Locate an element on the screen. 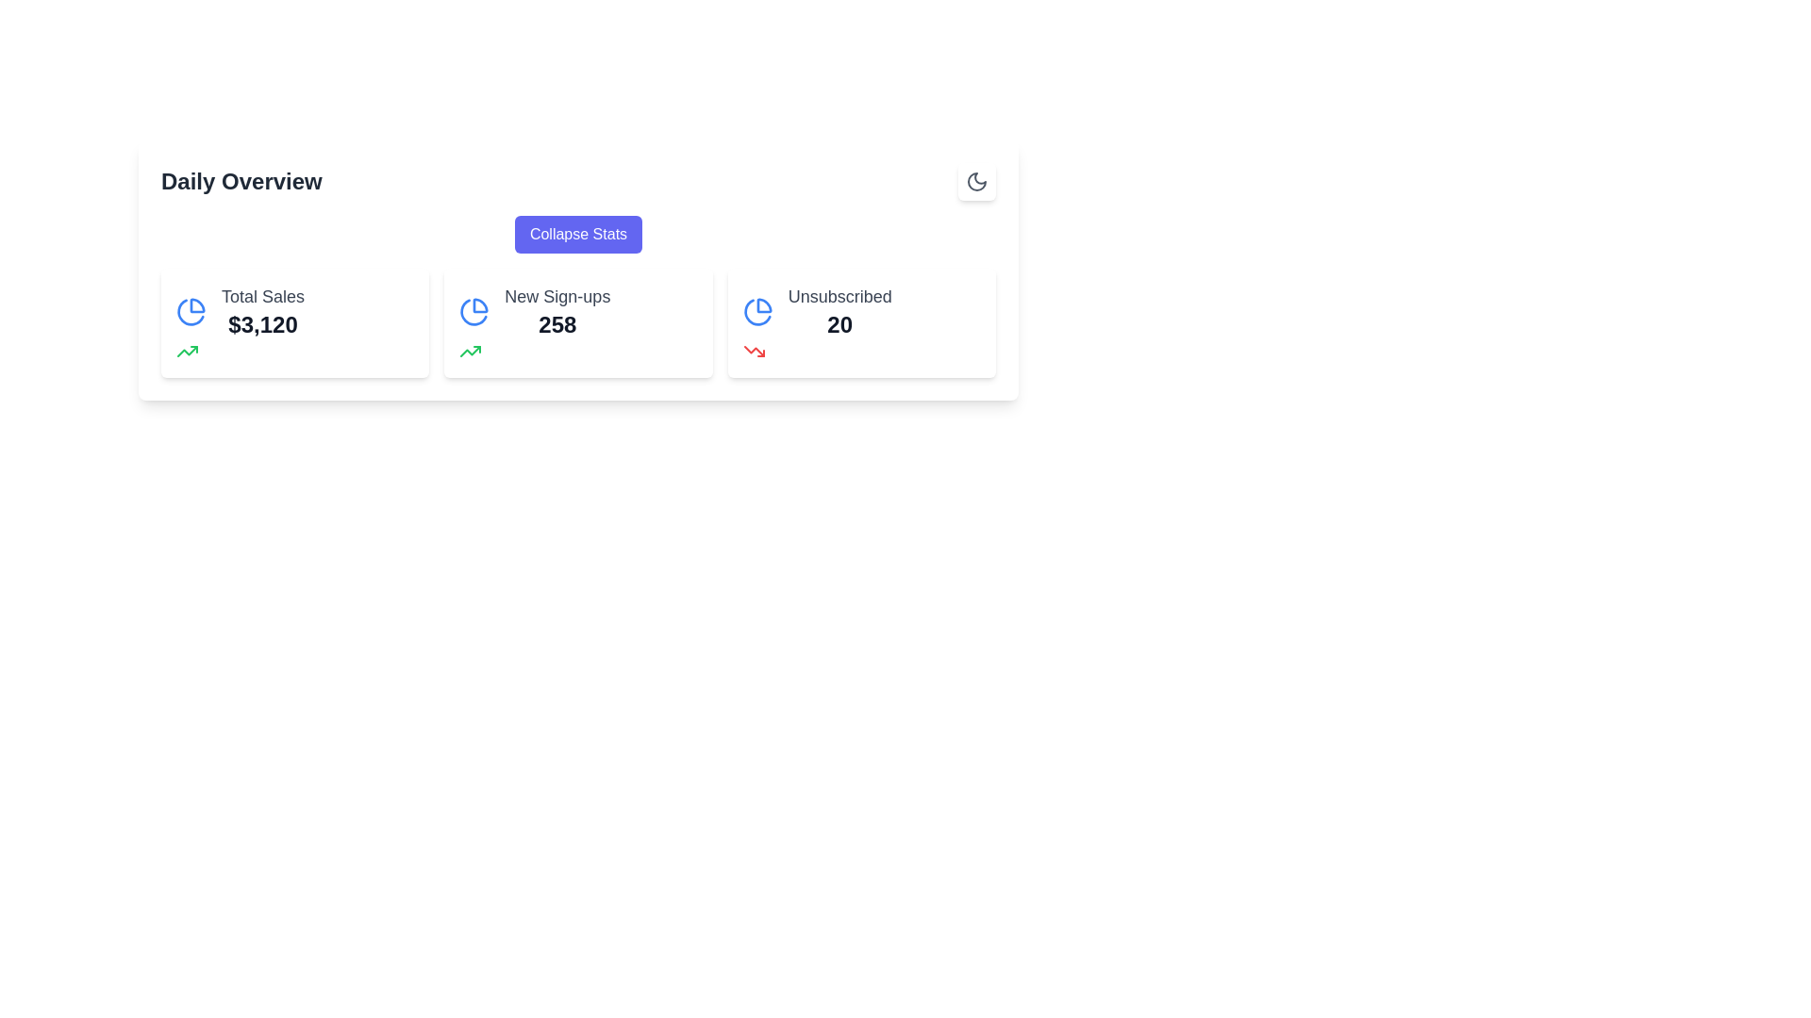 The height and width of the screenshot is (1018, 1811). the Text label element displaying 'New Sign-ups' with the value '258' in bold, located under the 'Daily Overview' header is located at coordinates (557, 311).